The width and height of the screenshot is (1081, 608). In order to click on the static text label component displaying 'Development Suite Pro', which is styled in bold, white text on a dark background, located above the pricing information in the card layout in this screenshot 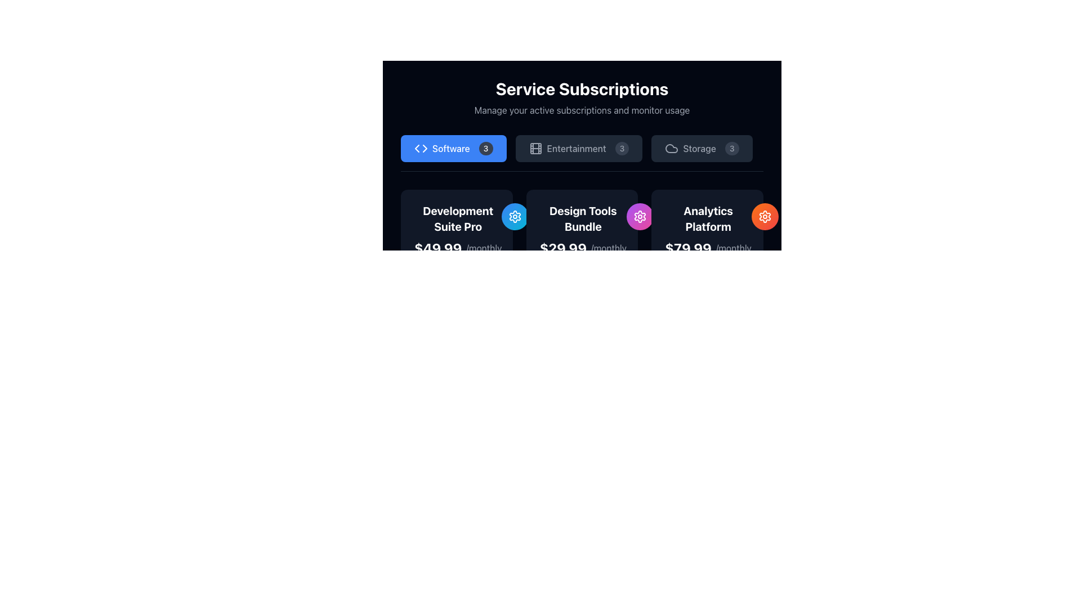, I will do `click(458, 219)`.